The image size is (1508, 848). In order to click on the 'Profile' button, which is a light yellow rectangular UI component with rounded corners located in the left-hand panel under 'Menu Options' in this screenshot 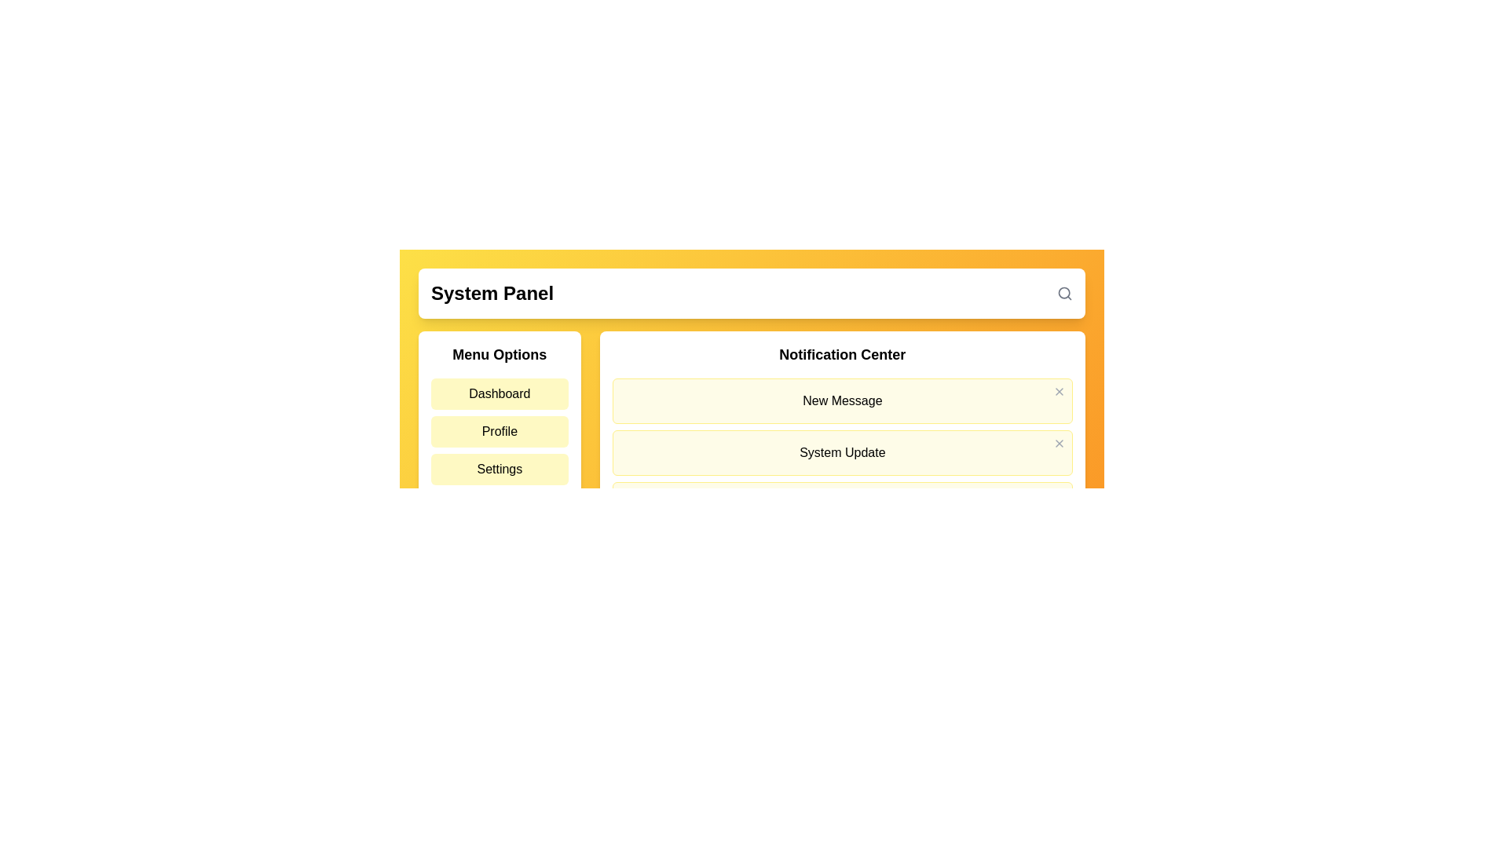, I will do `click(499, 432)`.